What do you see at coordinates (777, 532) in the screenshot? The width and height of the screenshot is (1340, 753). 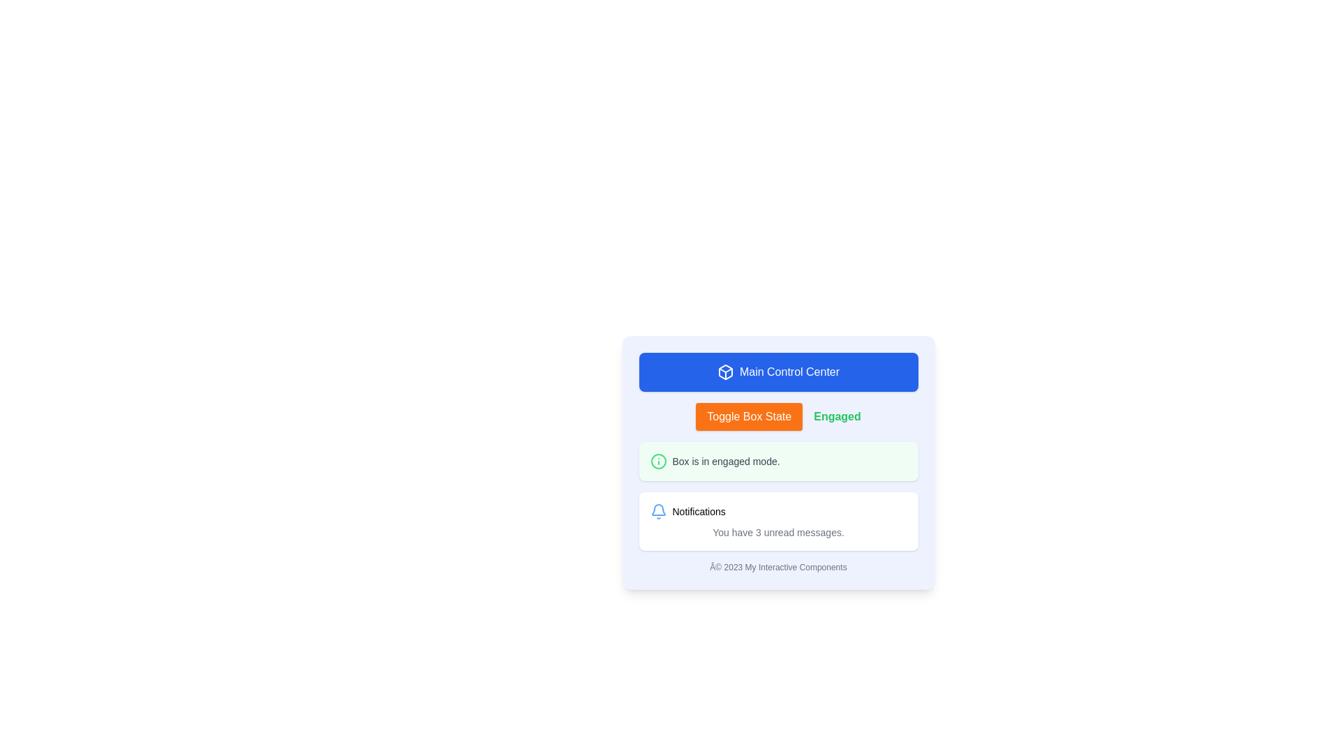 I see `the text label displaying 'You have 3 unread messages.' located below the 'Notifications' title in the notification card` at bounding box center [777, 532].